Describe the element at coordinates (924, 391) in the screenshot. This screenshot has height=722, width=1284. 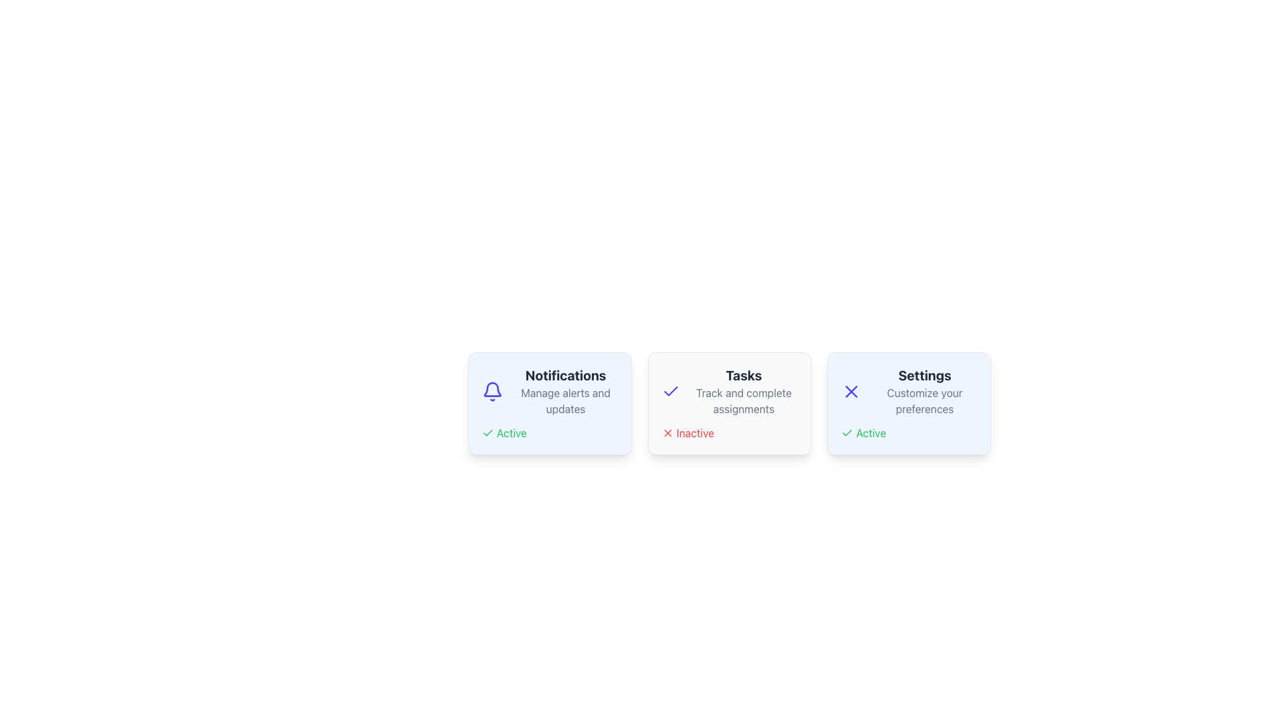
I see `title and description of the 'Settings' section text block located in the third card of a horizontal sequence, positioned towards the right side of the interface` at that location.